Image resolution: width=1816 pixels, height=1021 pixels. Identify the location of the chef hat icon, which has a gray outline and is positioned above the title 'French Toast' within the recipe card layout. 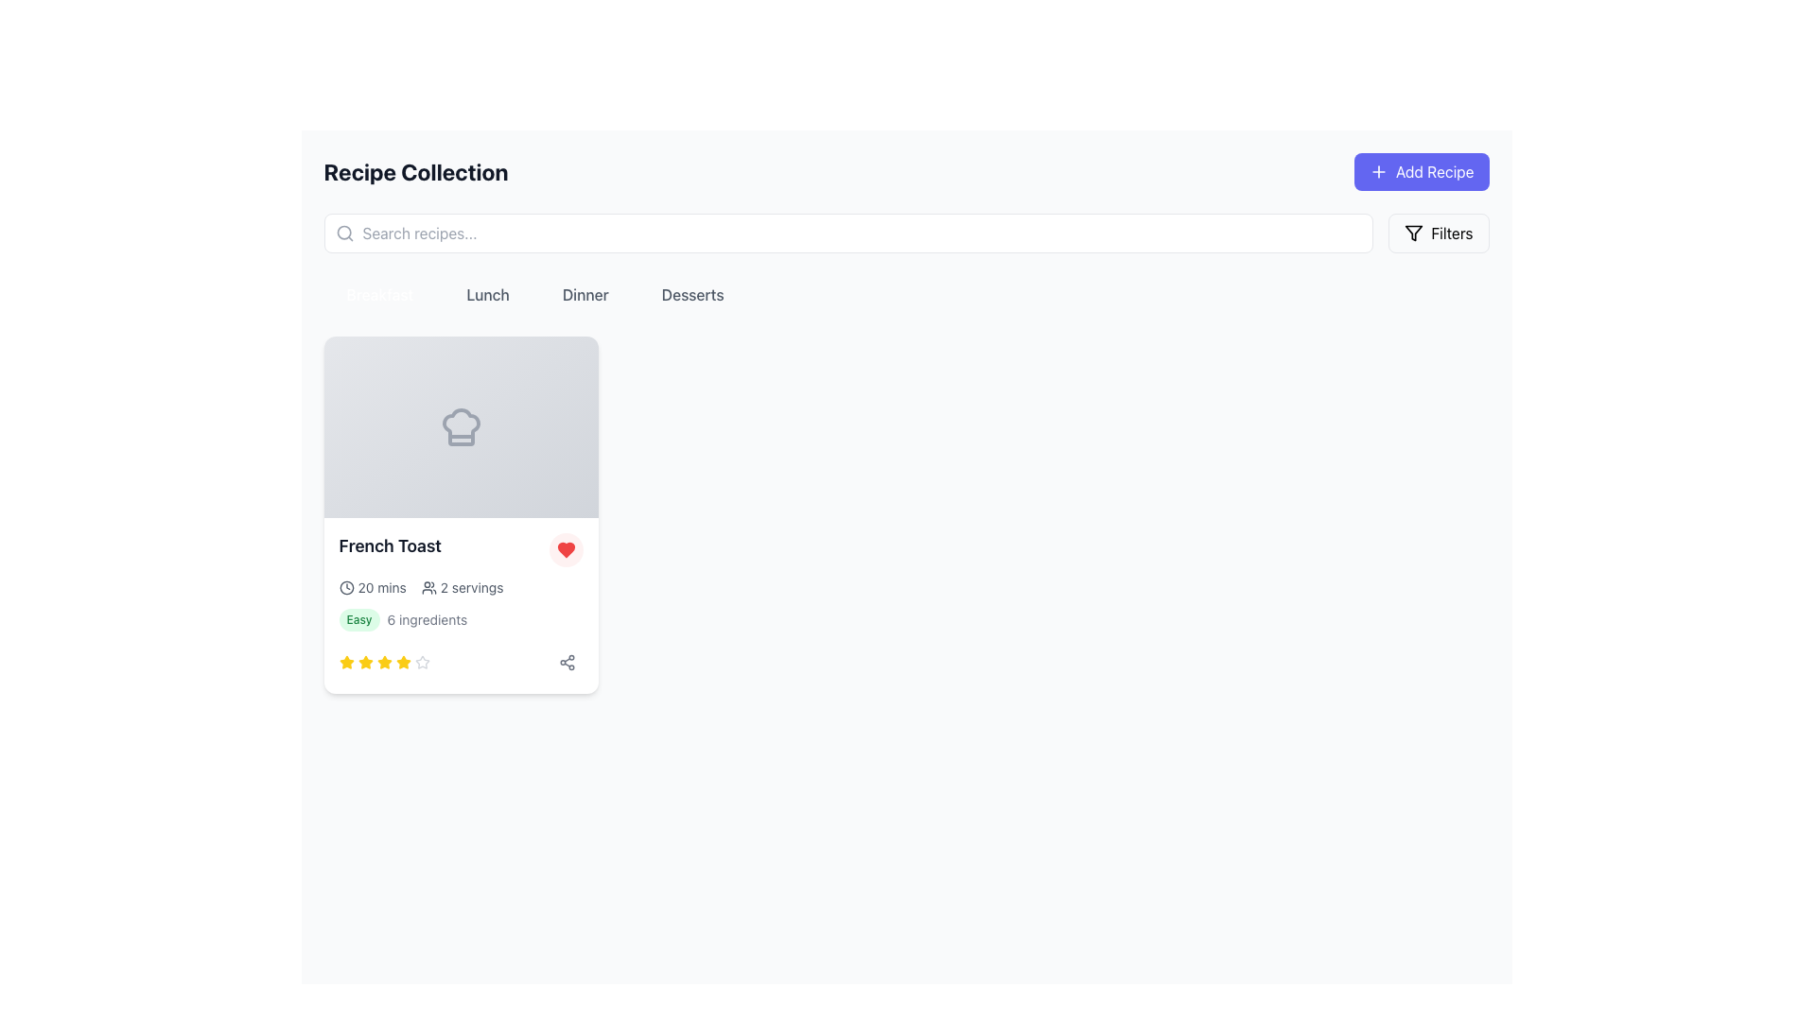
(461, 426).